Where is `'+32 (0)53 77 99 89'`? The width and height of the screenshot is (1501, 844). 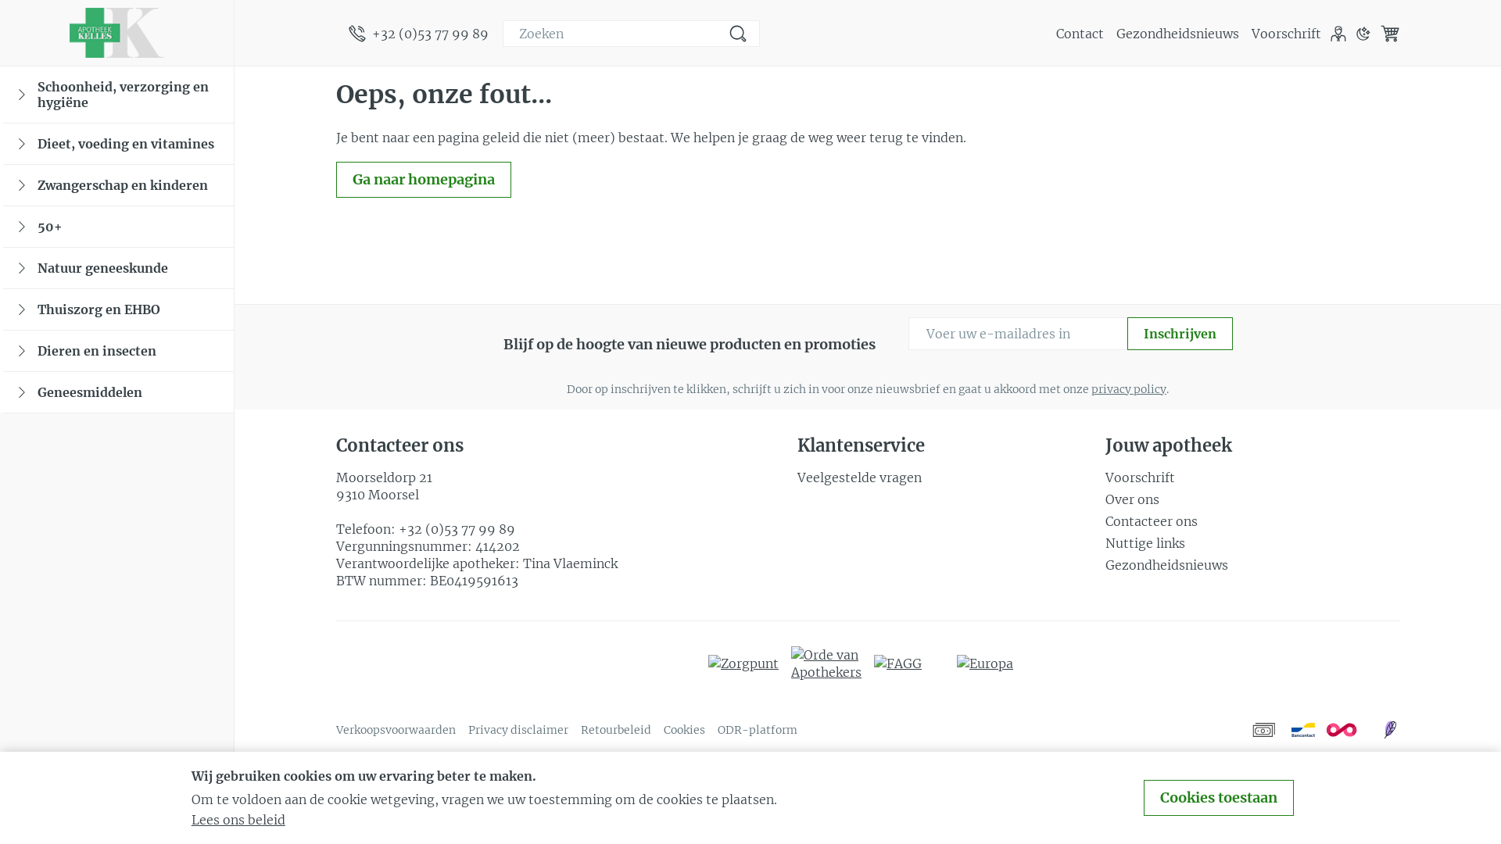
'+32 (0)53 77 99 89' is located at coordinates (418, 33).